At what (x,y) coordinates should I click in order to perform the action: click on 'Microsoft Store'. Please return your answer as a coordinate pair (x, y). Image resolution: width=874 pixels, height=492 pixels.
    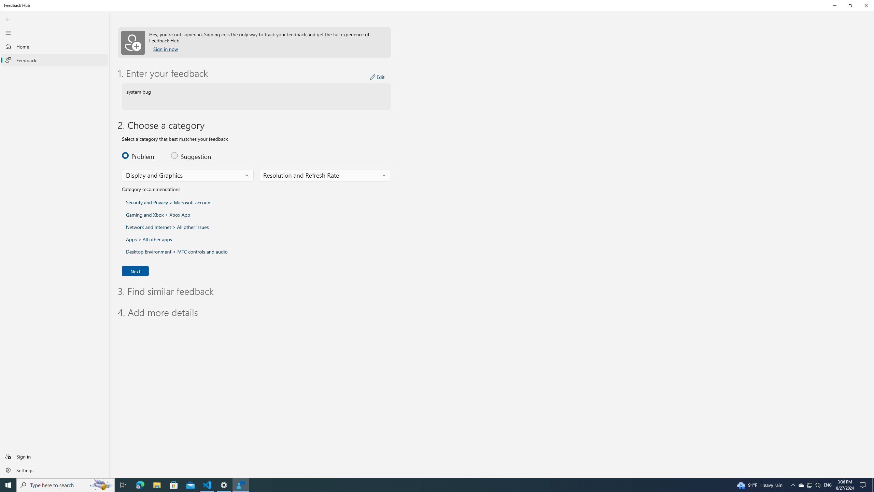
    Looking at the image, I should click on (174, 484).